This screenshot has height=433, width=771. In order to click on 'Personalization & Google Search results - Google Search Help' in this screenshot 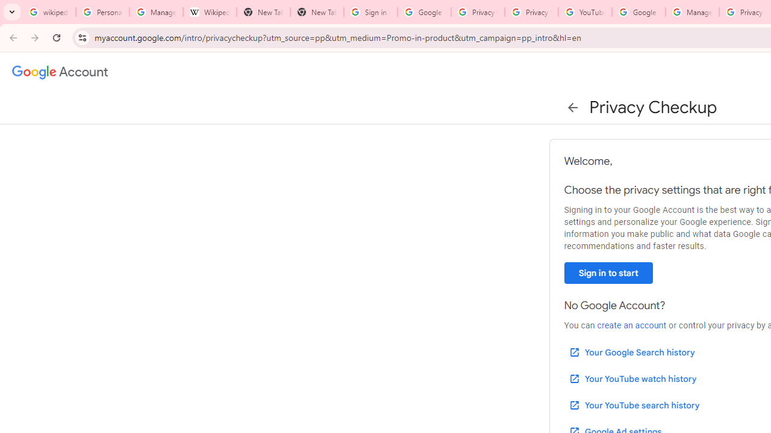, I will do `click(102, 12)`.